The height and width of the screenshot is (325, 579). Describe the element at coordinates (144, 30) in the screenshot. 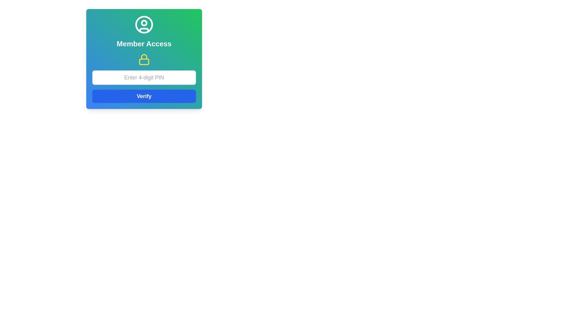

I see `the decorative graphical component that resembles a schematic representation of shoulders in an avatar icon, located at the bottom of a circular graphical icon` at that location.